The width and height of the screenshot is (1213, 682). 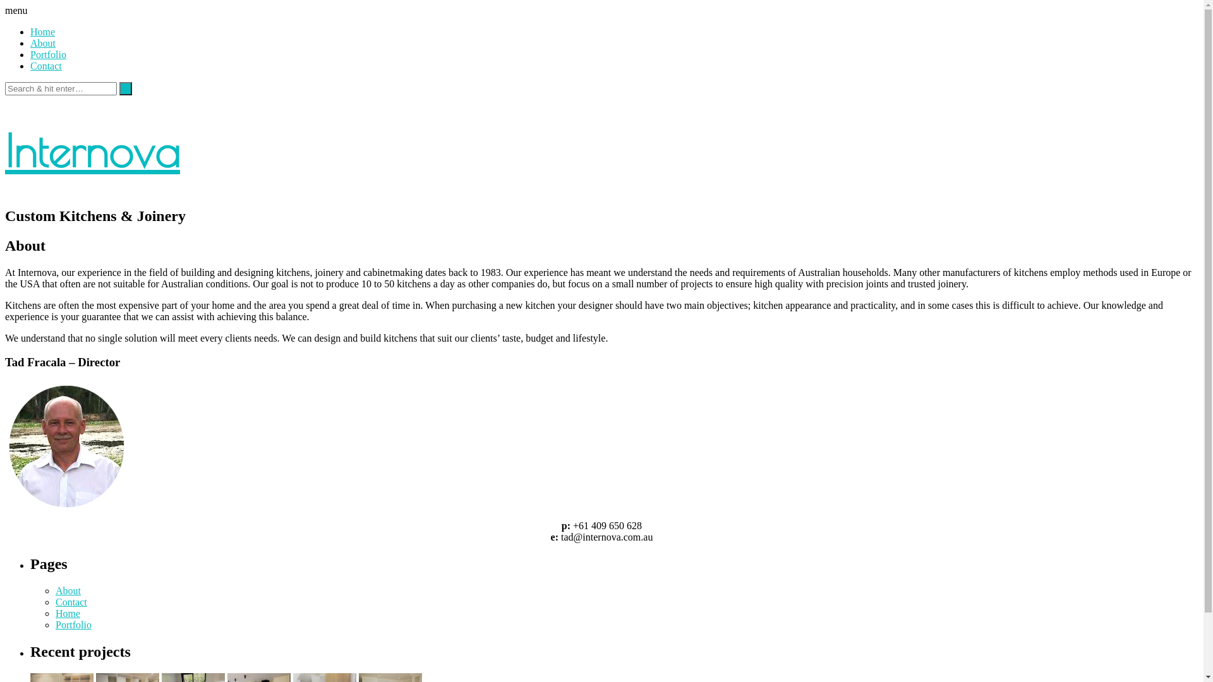 I want to click on 'Portfolio', so click(x=73, y=624).